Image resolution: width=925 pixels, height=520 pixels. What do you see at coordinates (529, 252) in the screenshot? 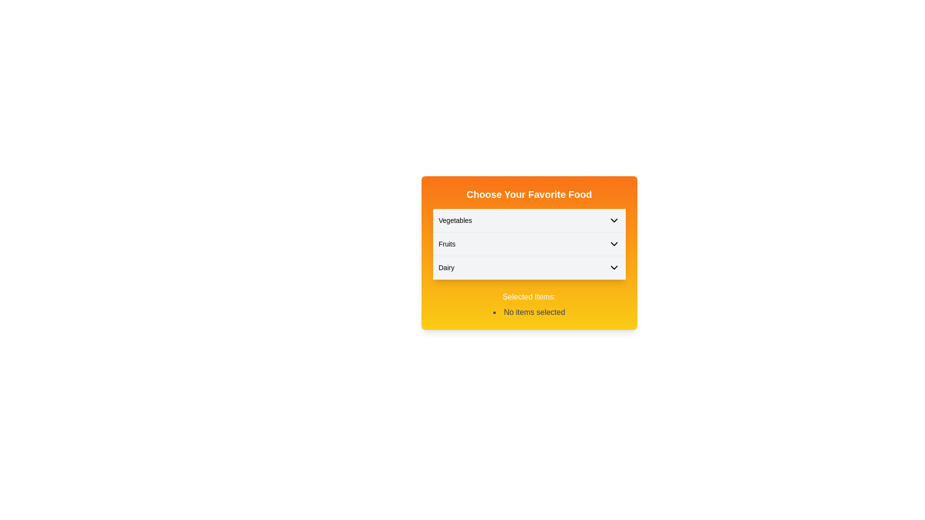
I see `the dropdown menu` at bounding box center [529, 252].